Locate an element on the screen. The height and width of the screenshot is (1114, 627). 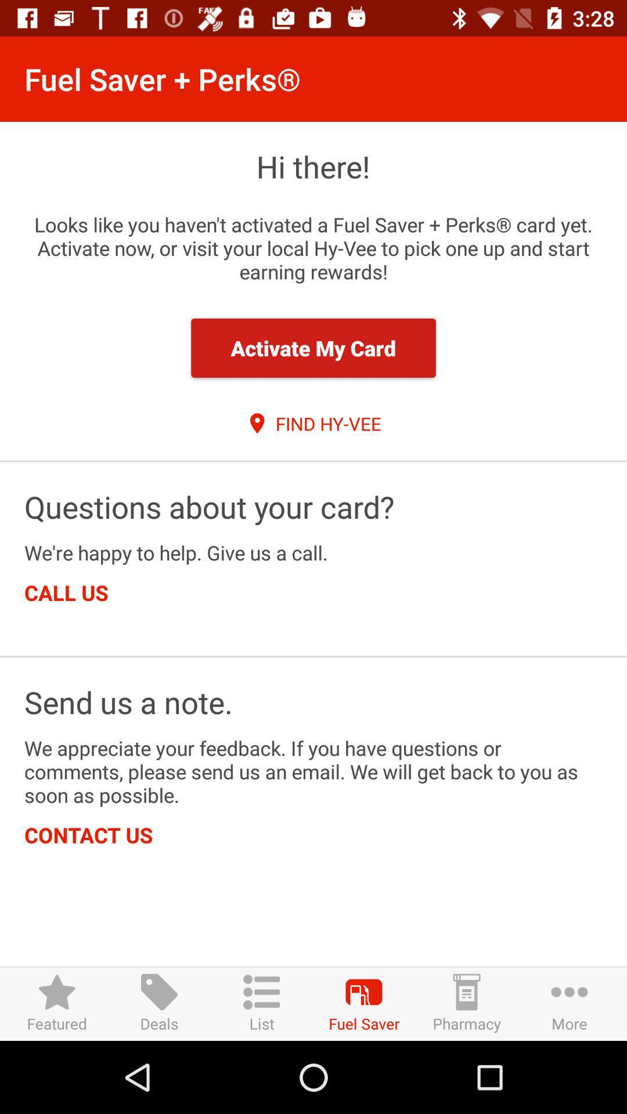
contact us icon is located at coordinates (88, 834).